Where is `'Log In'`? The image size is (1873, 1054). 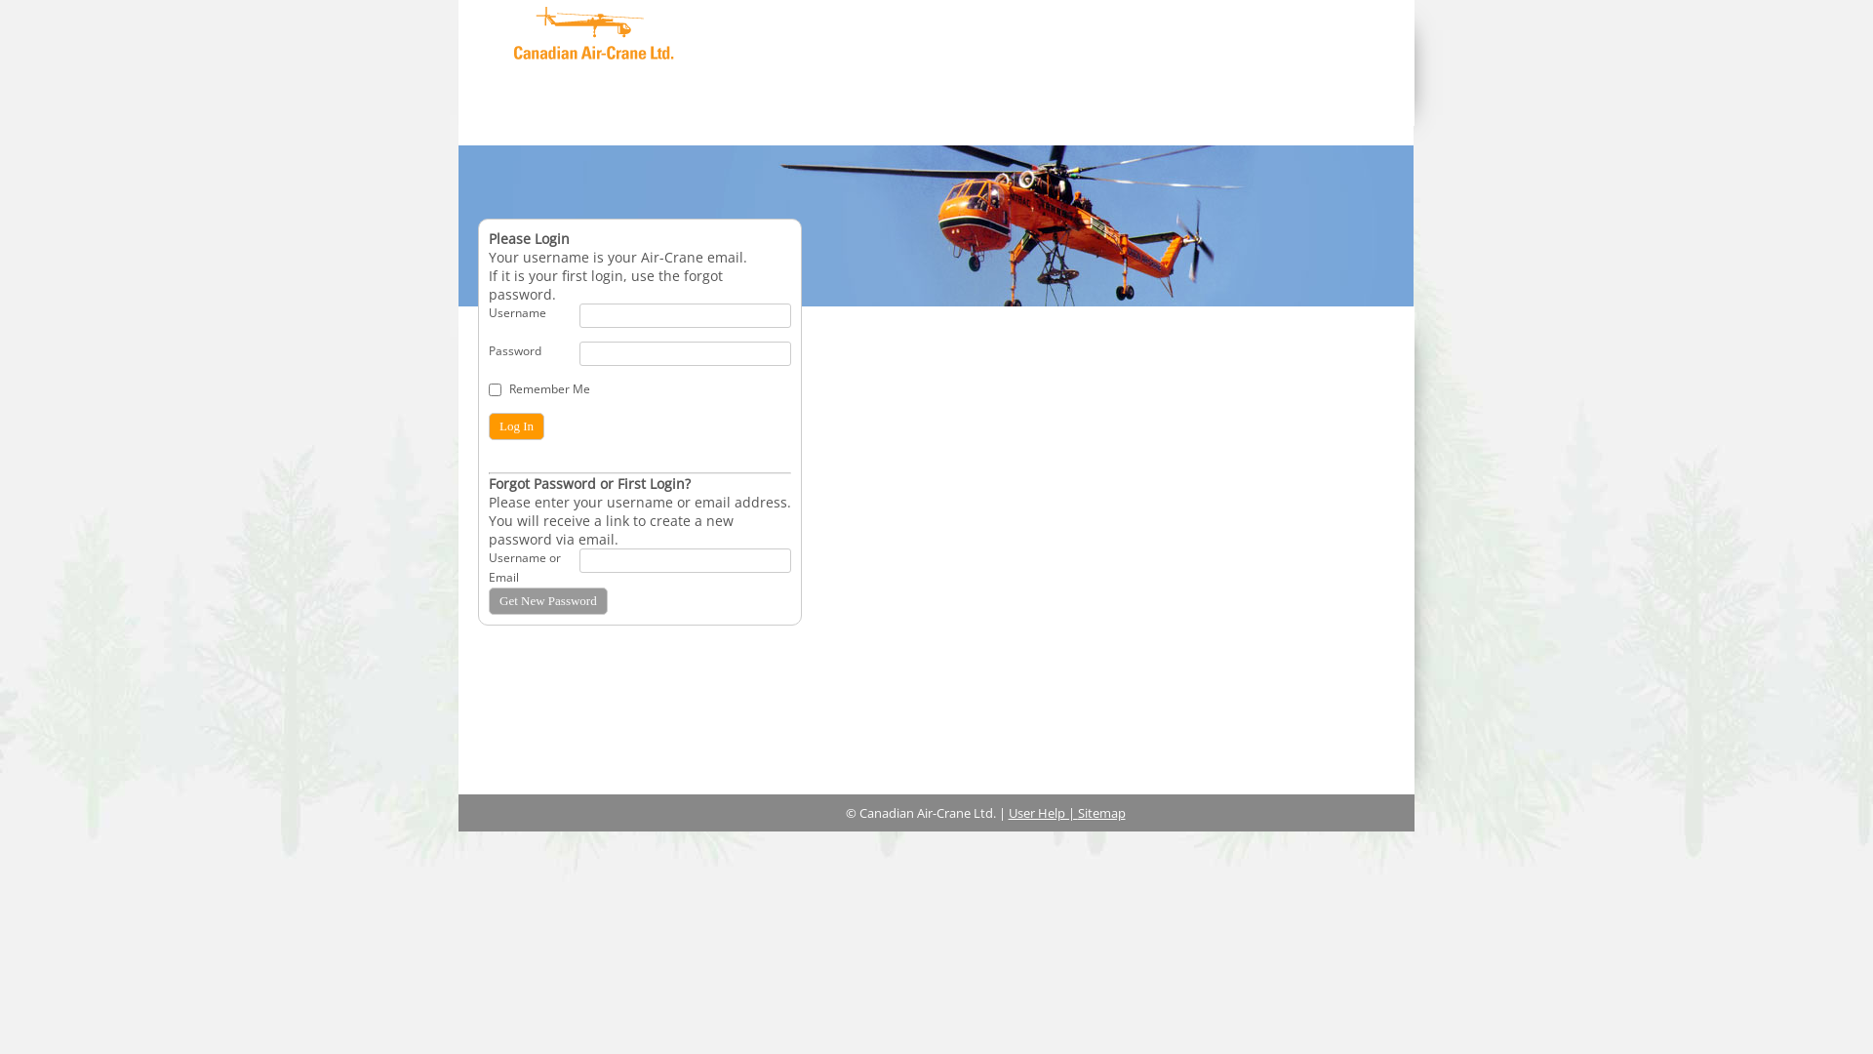 'Log In' is located at coordinates (516, 425).